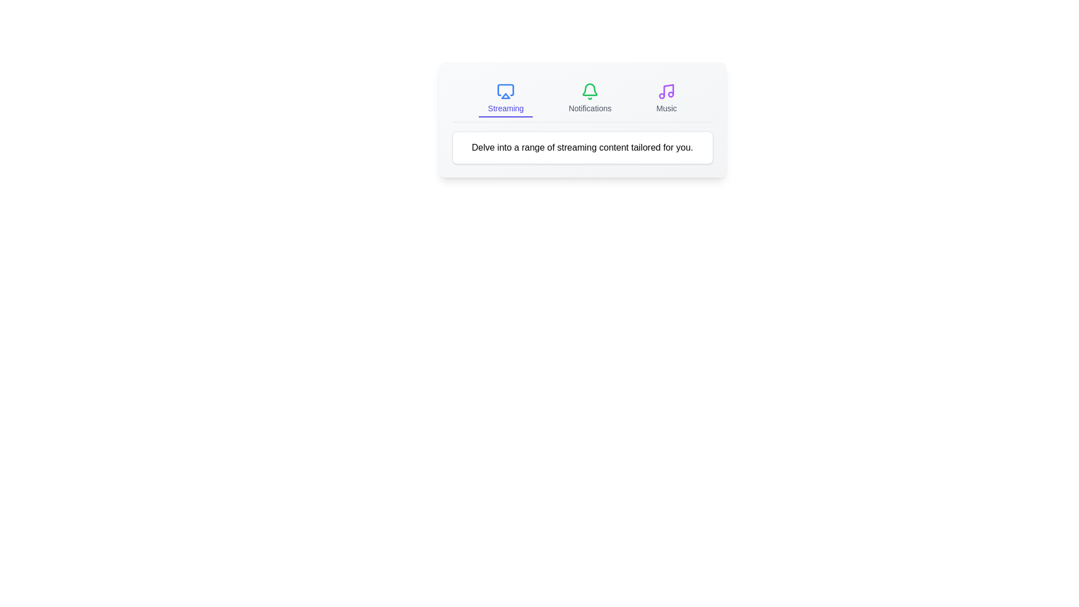 The image size is (1079, 607). What do you see at coordinates (505, 98) in the screenshot?
I see `the tab labeled Streaming` at bounding box center [505, 98].